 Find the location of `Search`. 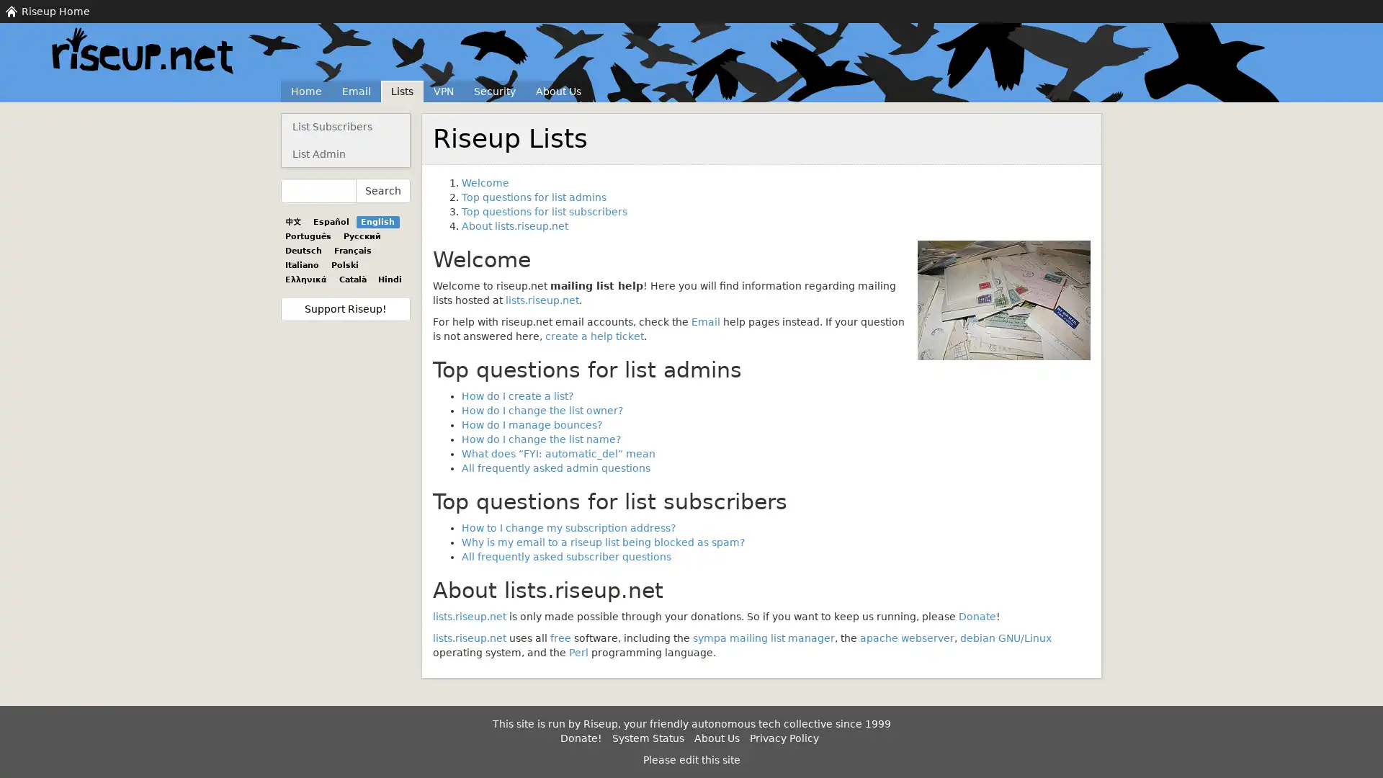

Search is located at coordinates (383, 190).